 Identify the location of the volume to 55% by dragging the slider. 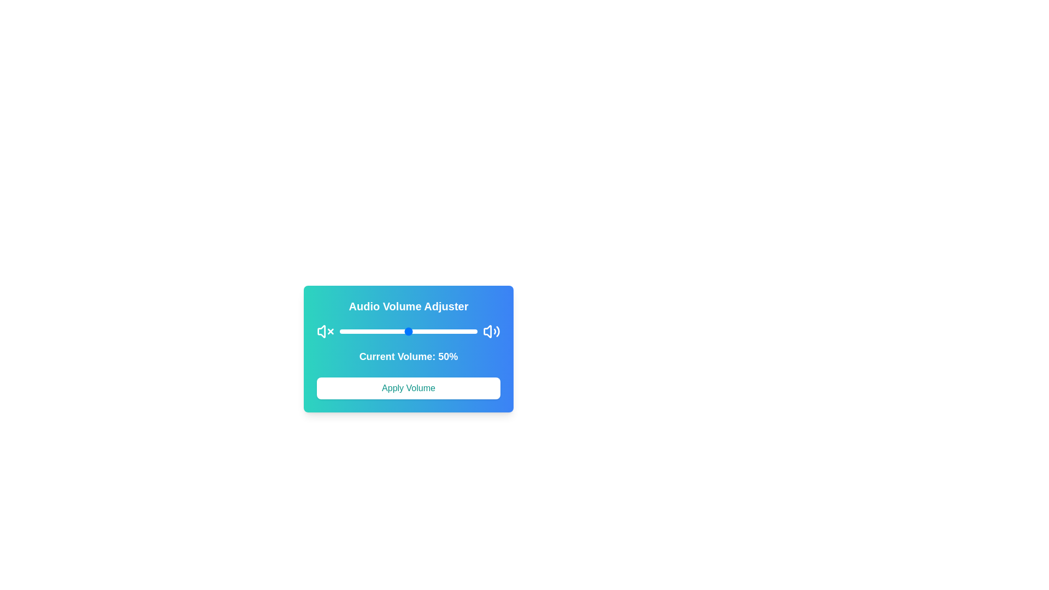
(415, 331).